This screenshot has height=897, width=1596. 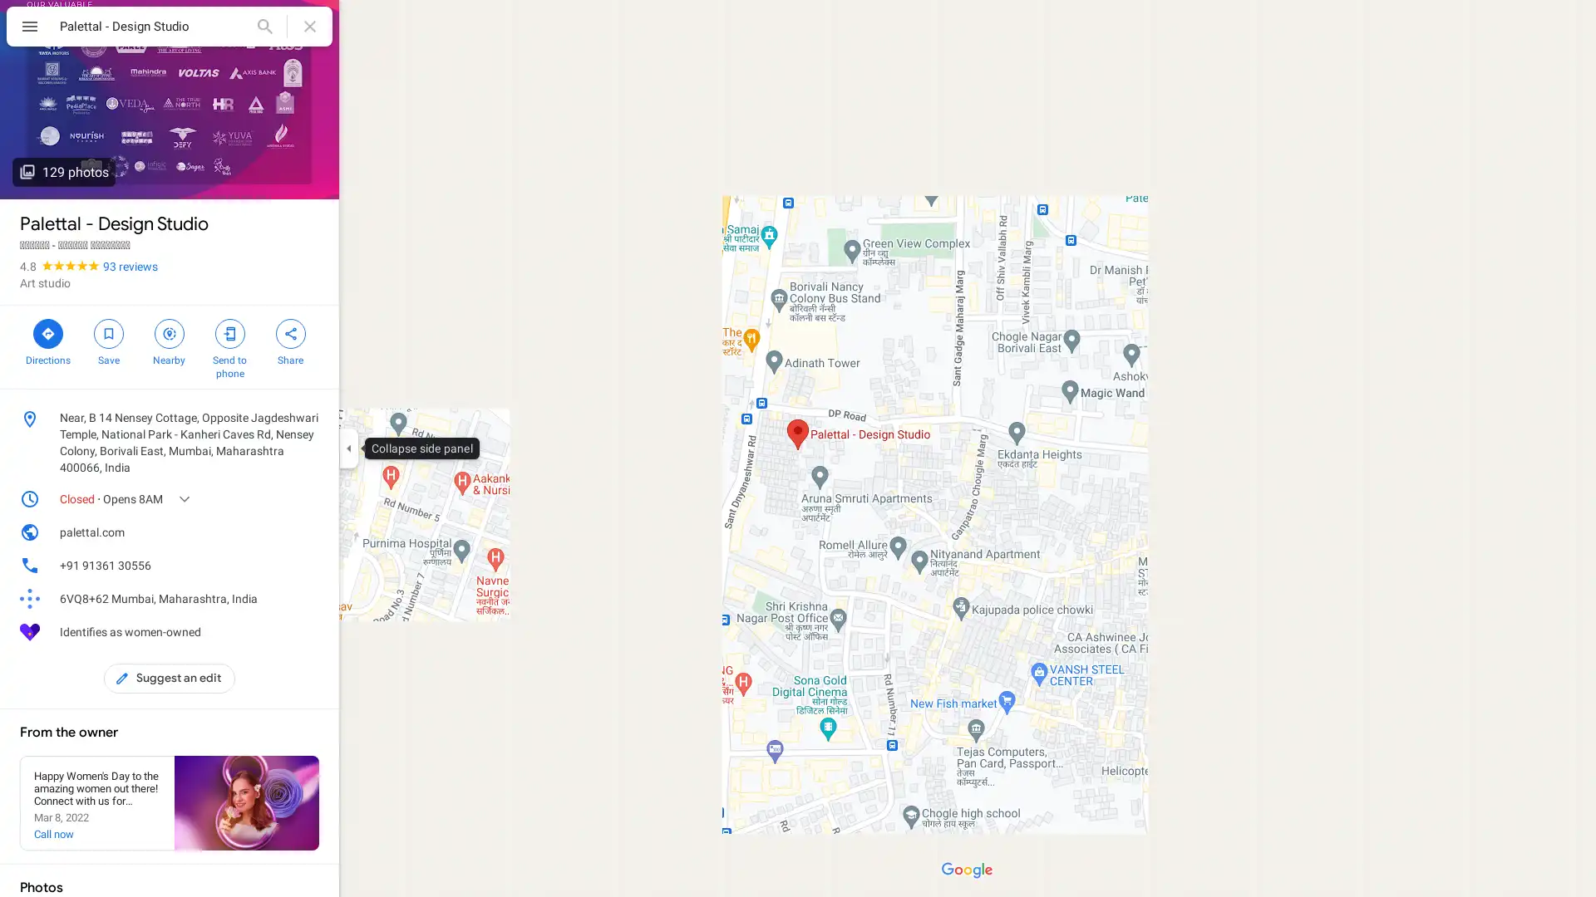 What do you see at coordinates (347, 448) in the screenshot?
I see `Collapse side panel` at bounding box center [347, 448].